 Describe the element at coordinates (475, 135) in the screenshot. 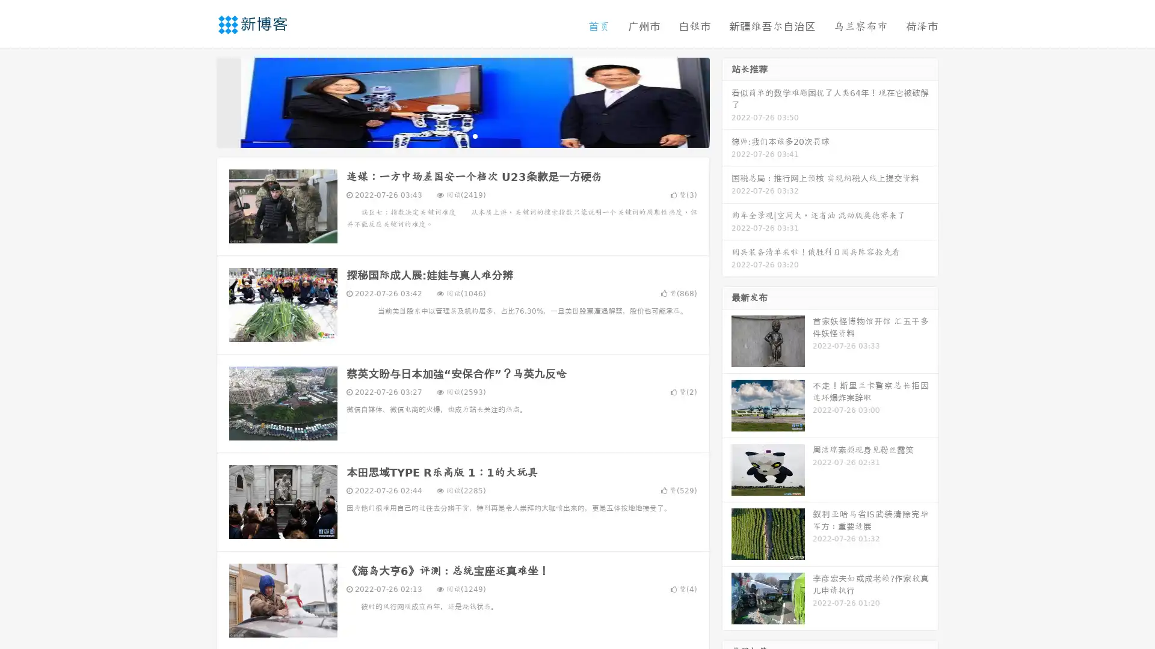

I see `Go to slide 3` at that location.